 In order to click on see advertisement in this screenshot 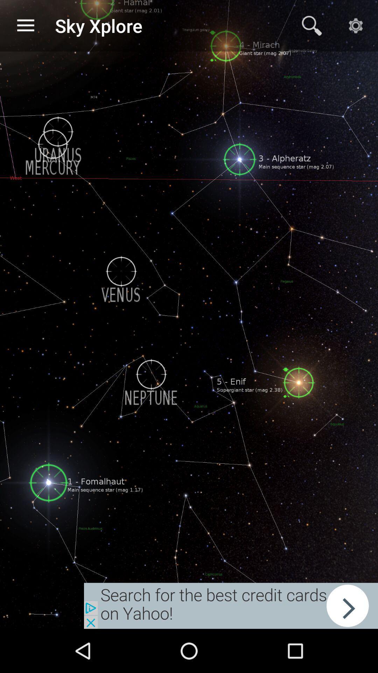, I will do `click(231, 605)`.